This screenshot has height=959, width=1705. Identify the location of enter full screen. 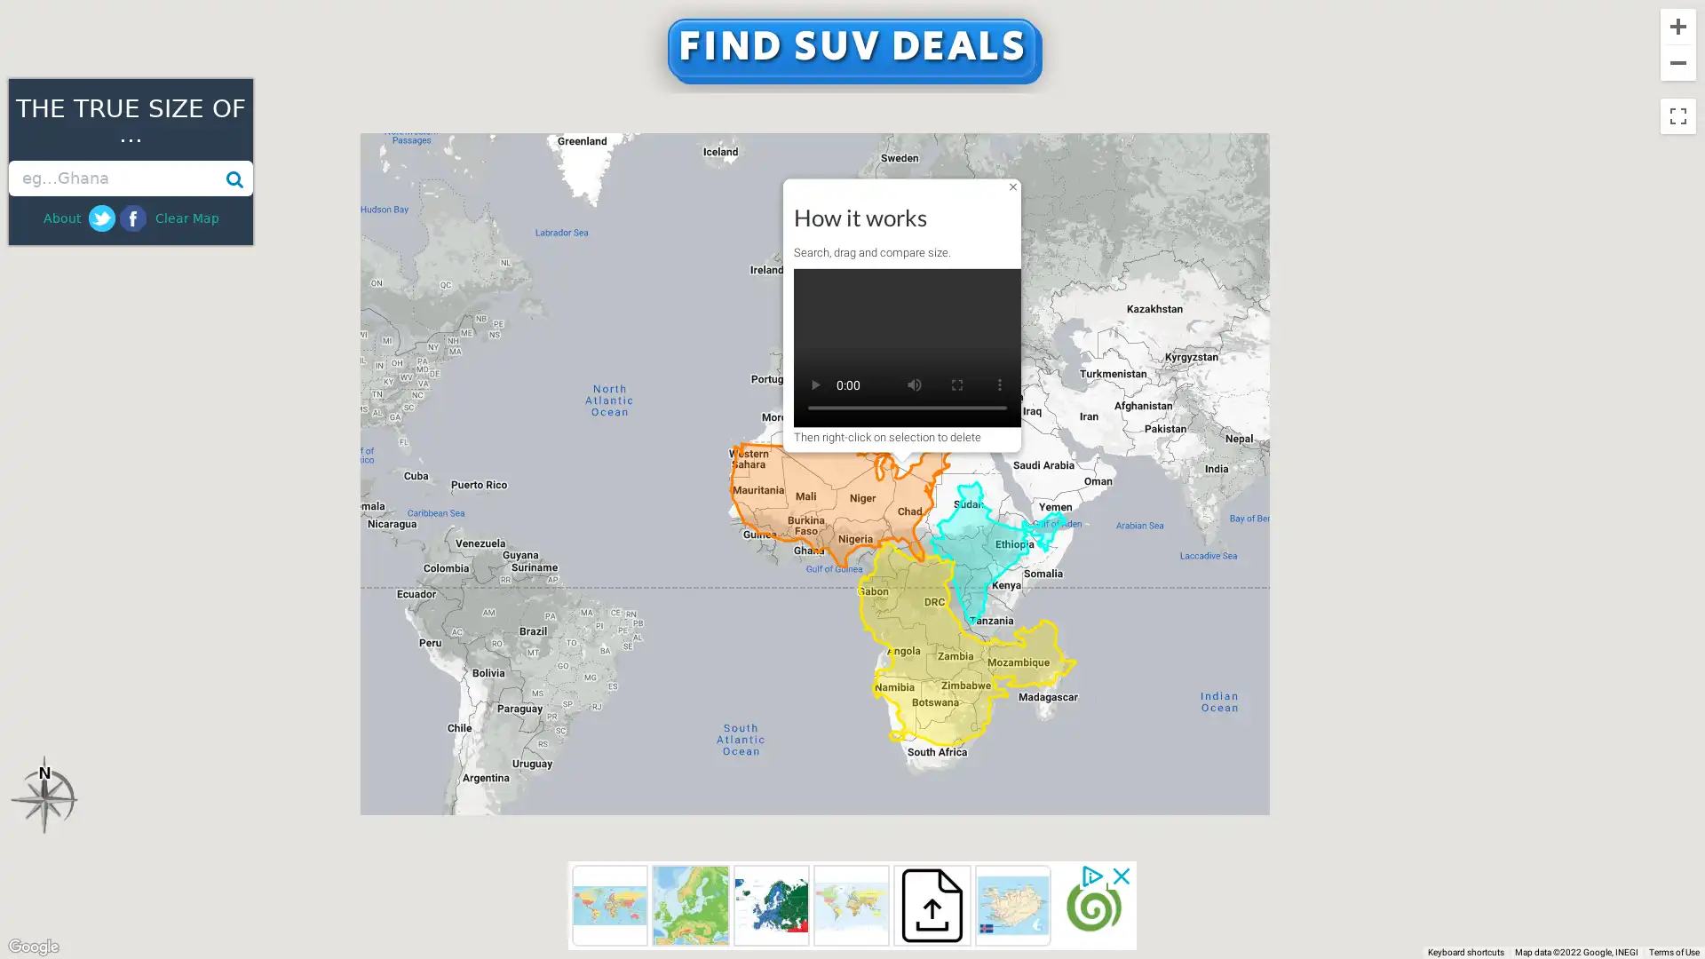
(956, 383).